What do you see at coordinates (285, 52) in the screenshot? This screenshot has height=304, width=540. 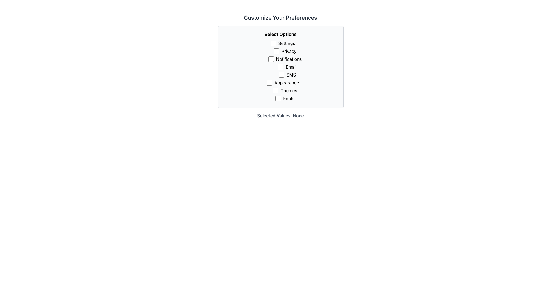 I see `the label 'Privacy' of the Checkbox element` at bounding box center [285, 52].